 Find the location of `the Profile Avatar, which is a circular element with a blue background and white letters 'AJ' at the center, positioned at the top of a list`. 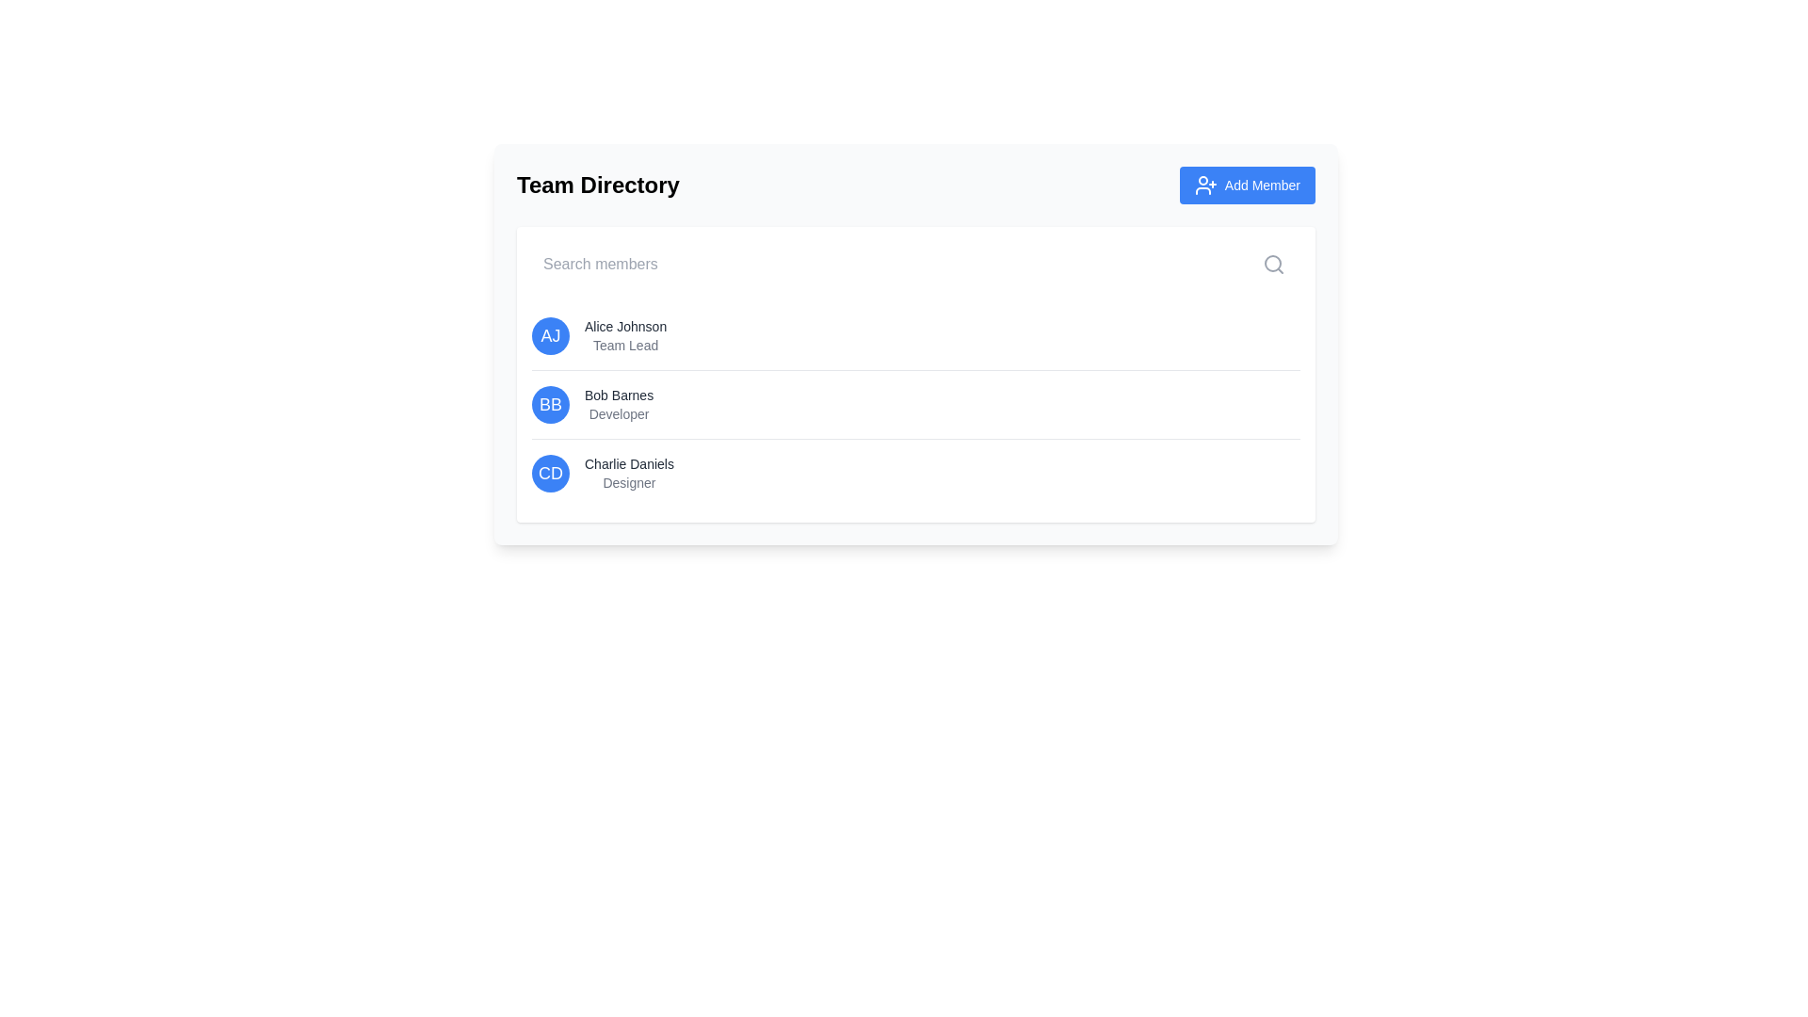

the Profile Avatar, which is a circular element with a blue background and white letters 'AJ' at the center, positioned at the top of a list is located at coordinates (550, 335).